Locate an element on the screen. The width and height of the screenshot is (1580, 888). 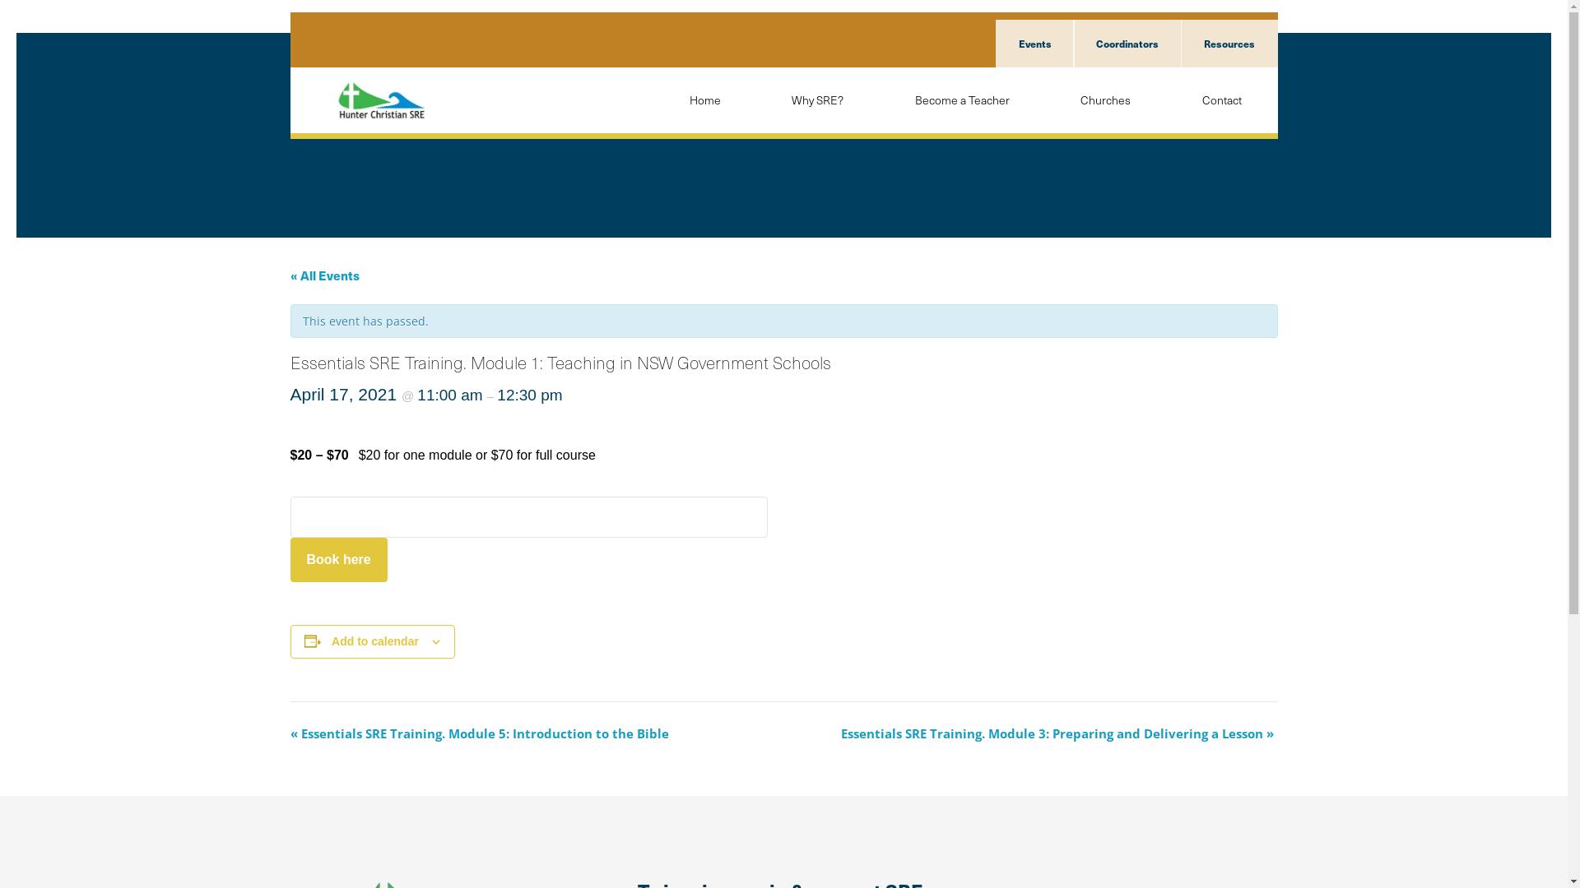
'Become a Teacher' is located at coordinates (962, 100).